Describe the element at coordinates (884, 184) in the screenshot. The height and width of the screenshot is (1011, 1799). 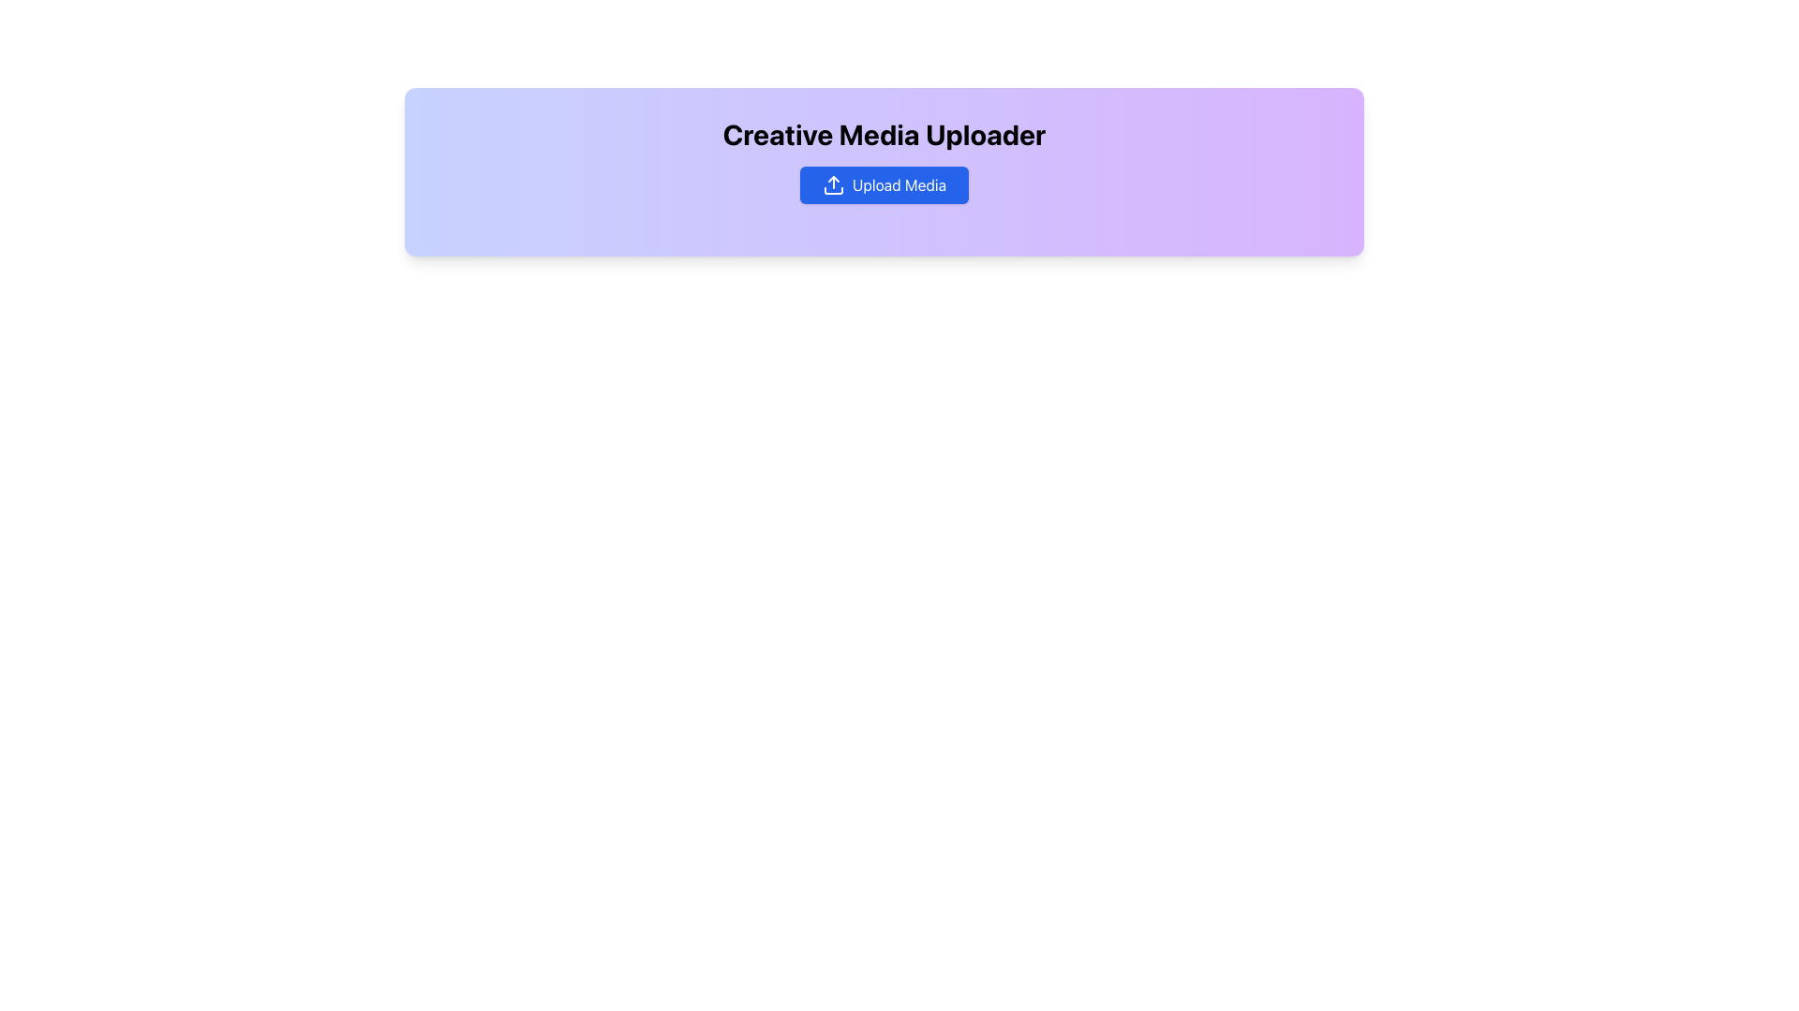
I see `the blue 'Upload Media' button with rounded edges to observe the hover effect` at that location.